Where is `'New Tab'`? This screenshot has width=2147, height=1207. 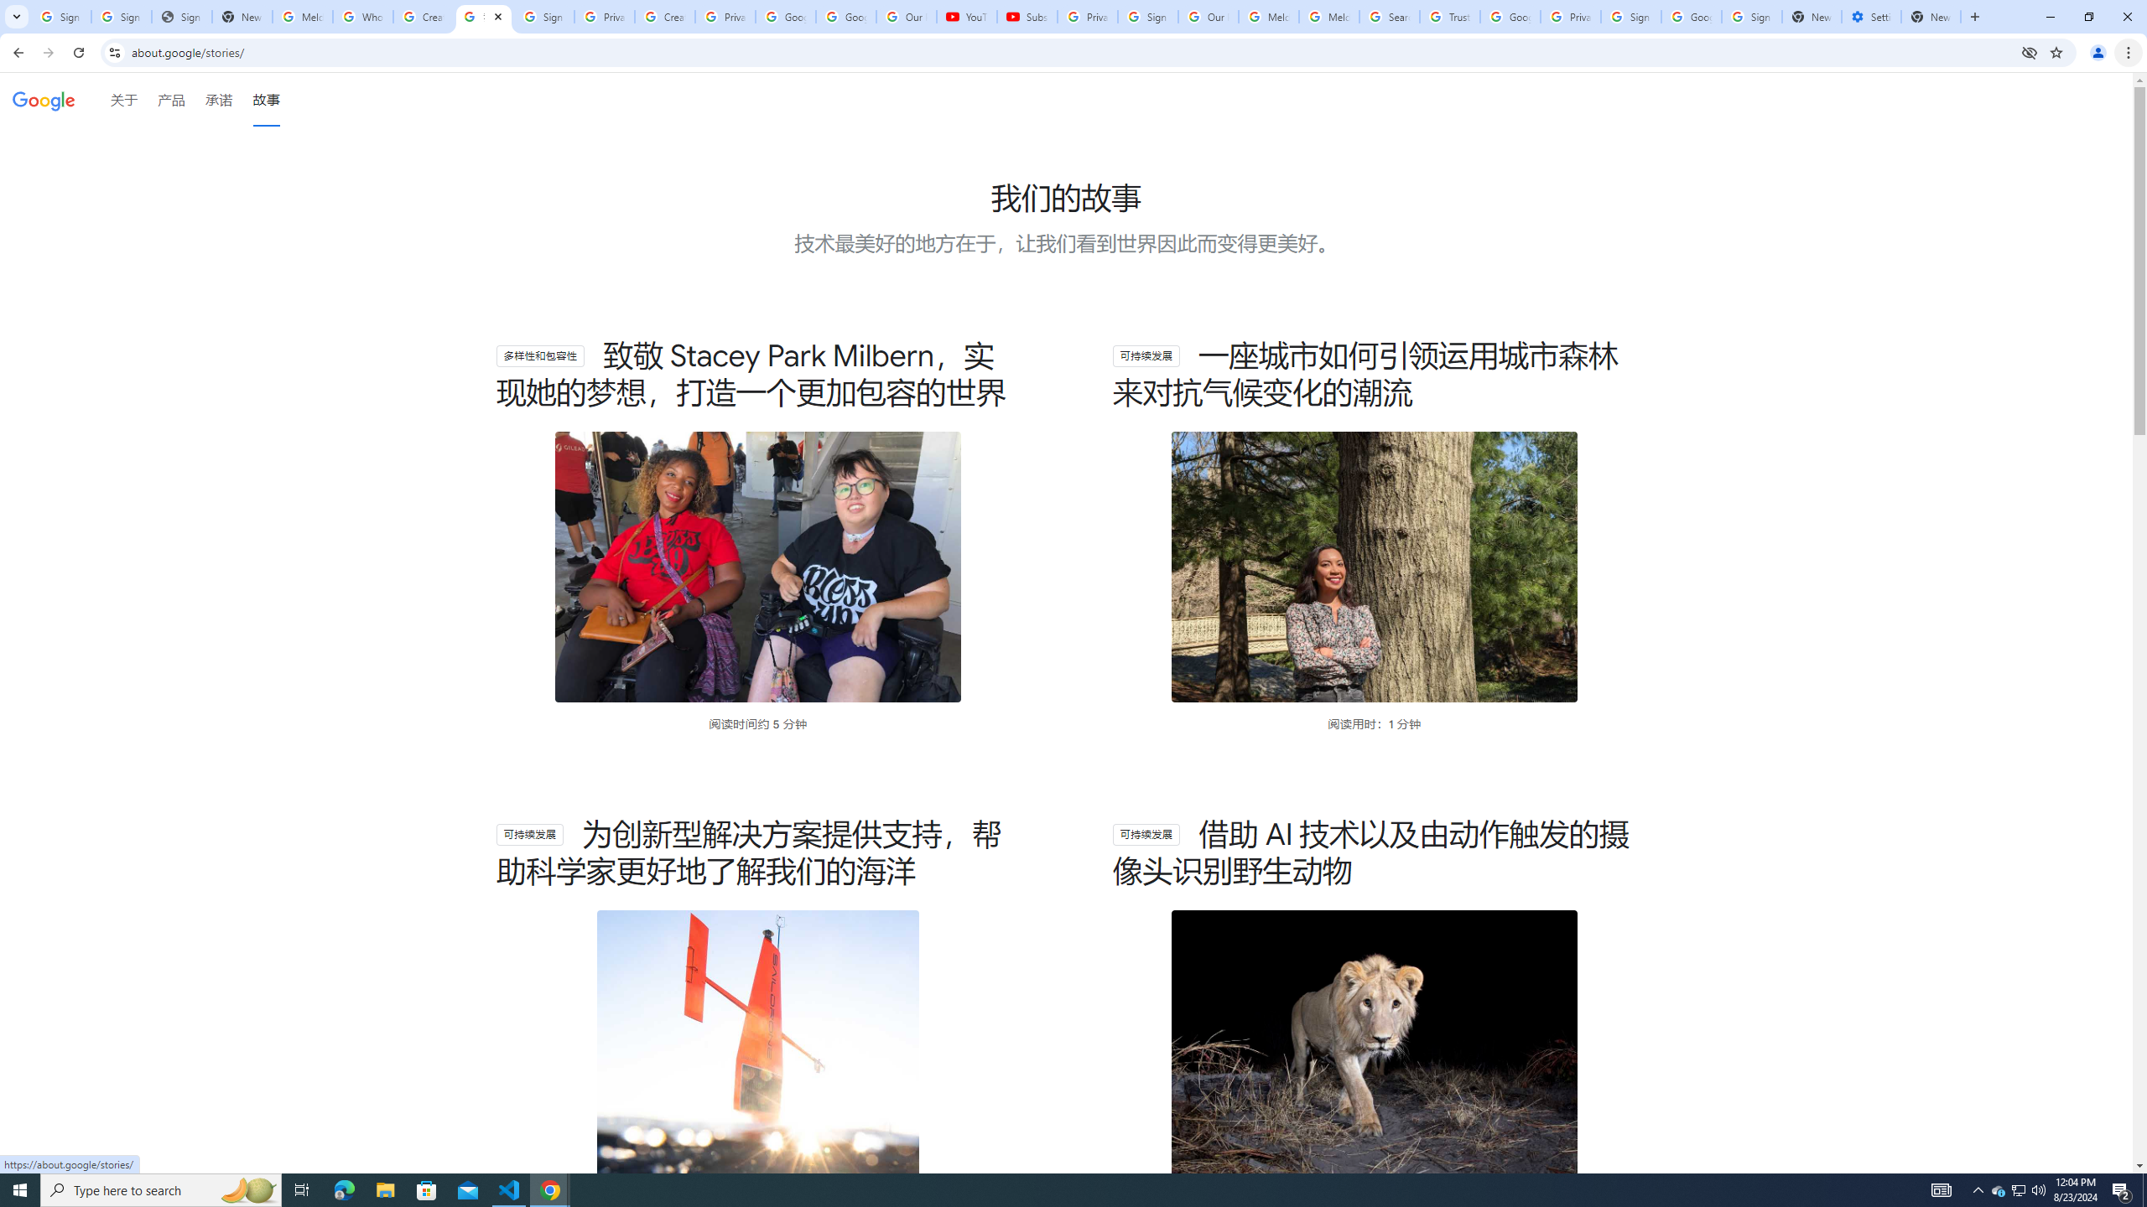
'New Tab' is located at coordinates (1931, 16).